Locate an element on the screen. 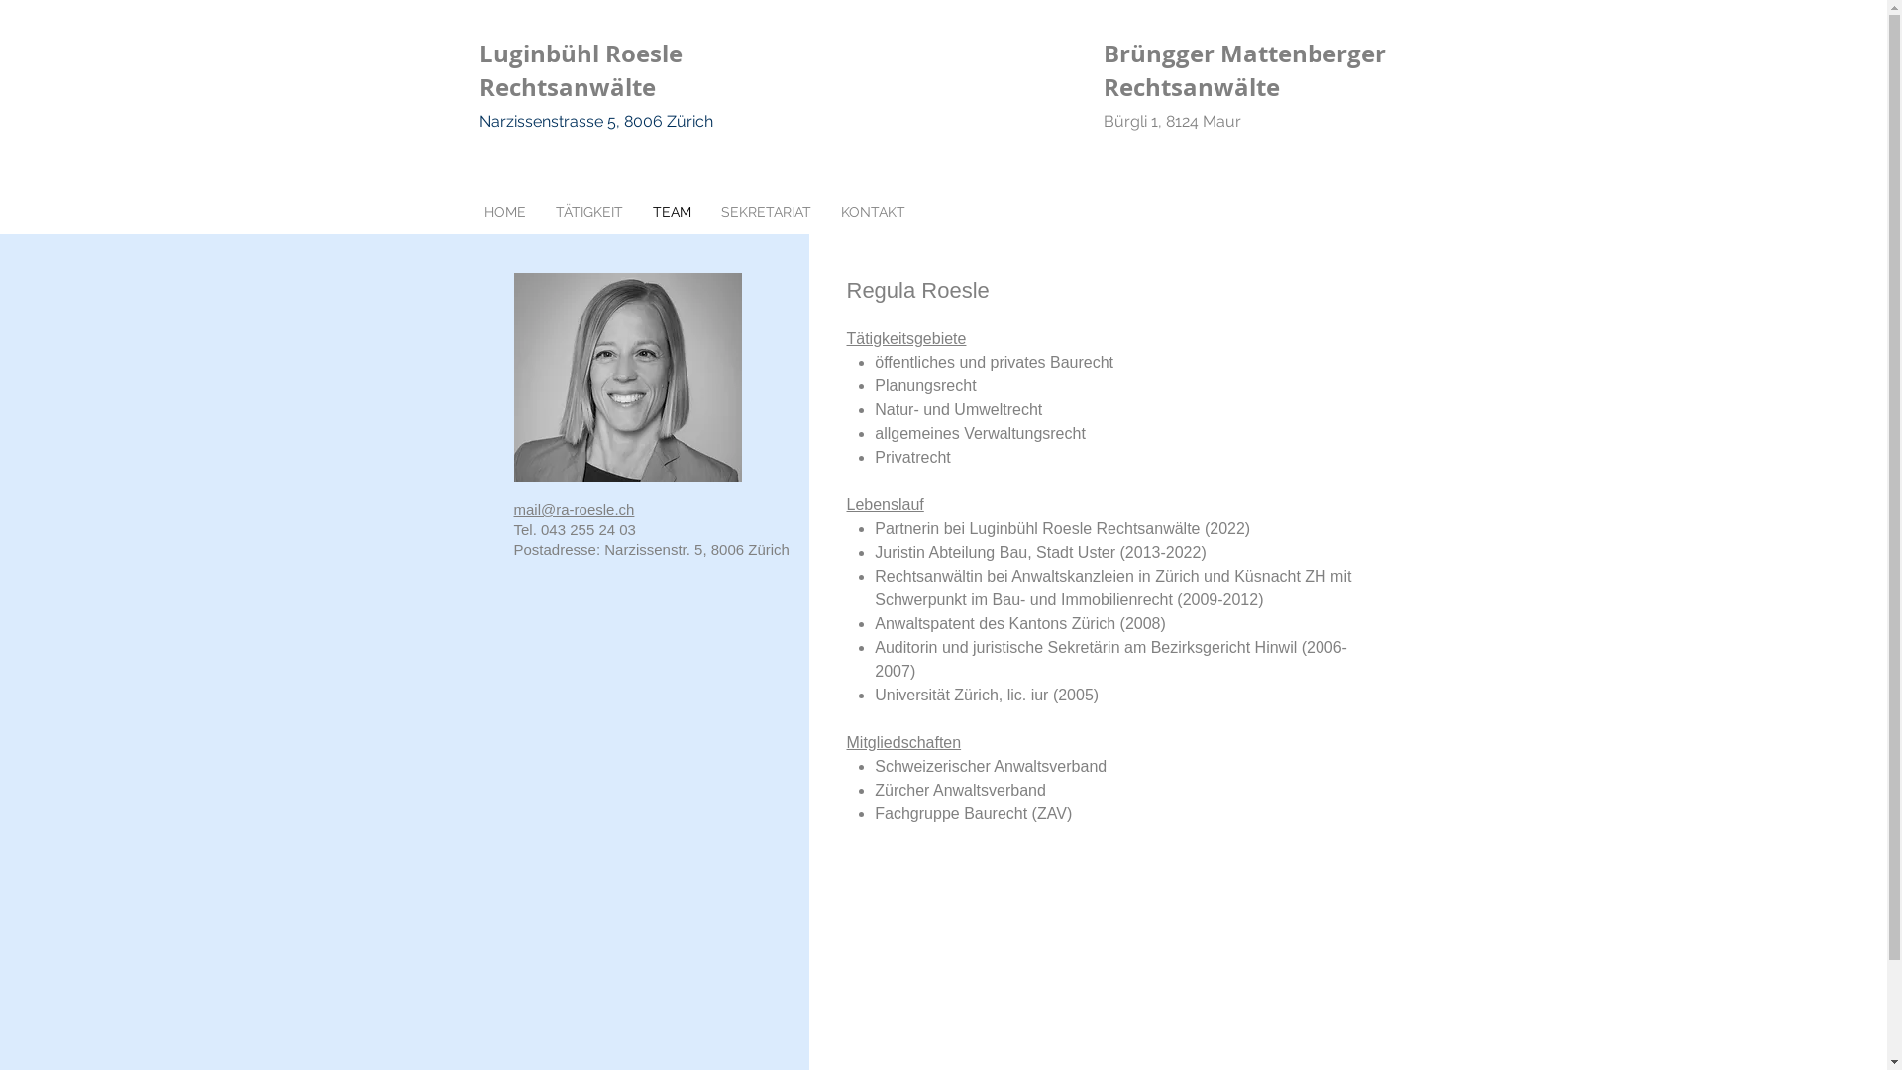  'Postadresse:' is located at coordinates (513, 549).